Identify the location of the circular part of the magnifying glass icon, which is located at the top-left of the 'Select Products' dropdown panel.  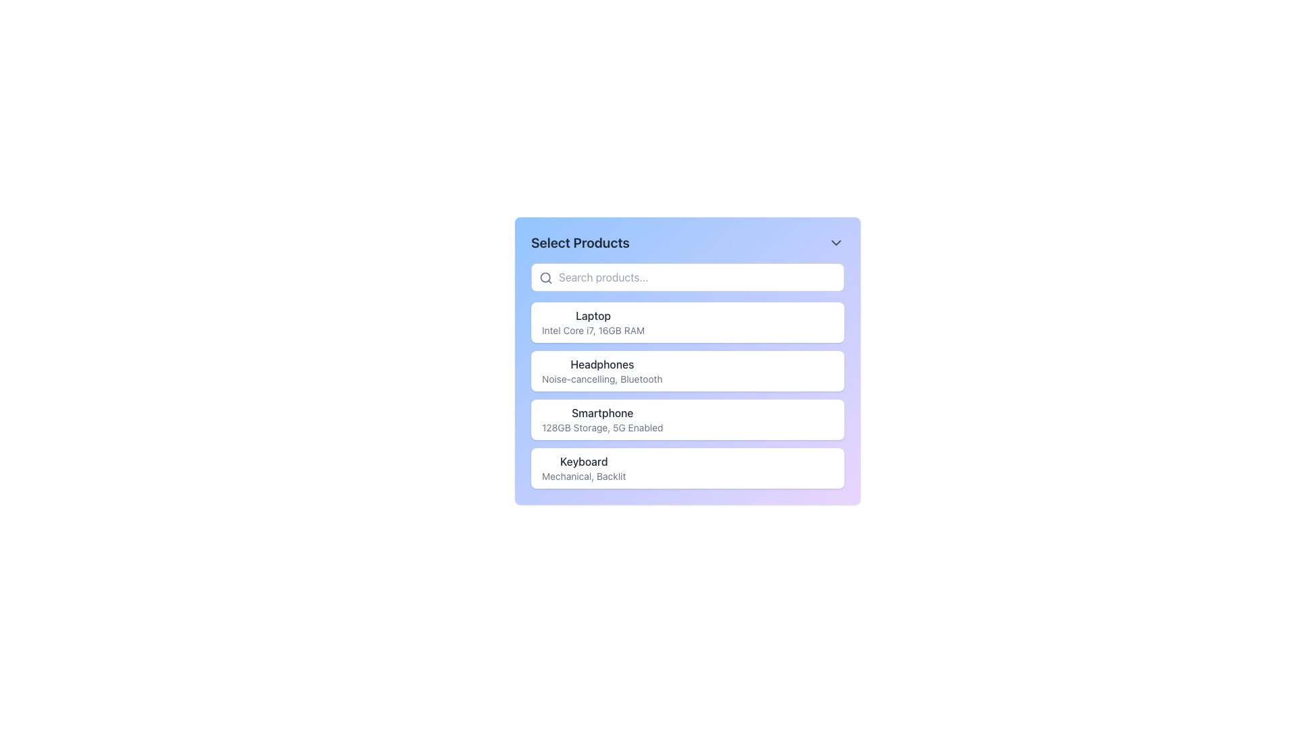
(545, 277).